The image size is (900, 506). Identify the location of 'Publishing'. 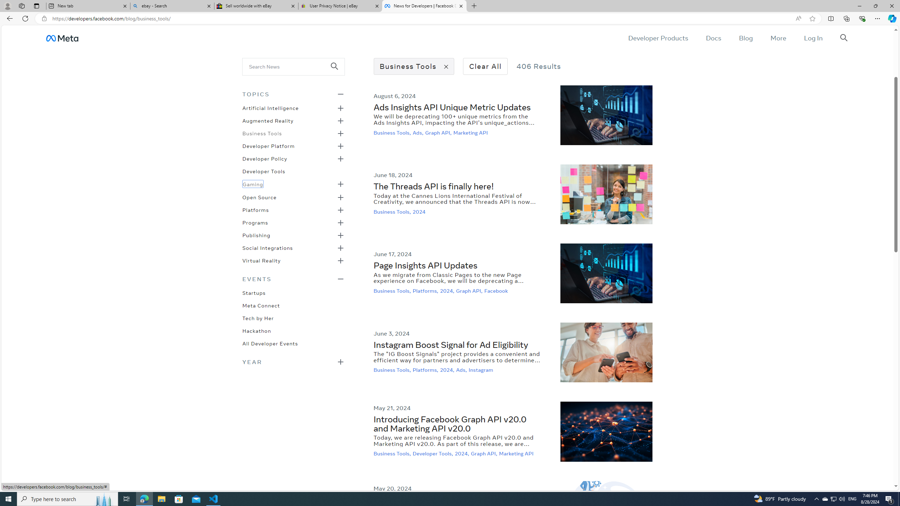
(256, 234).